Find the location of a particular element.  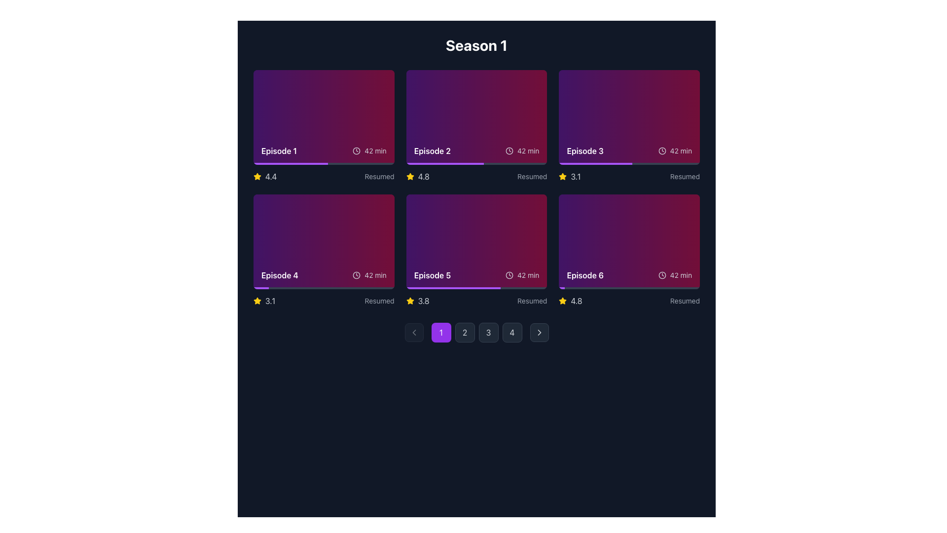

Progress bar located at the bottom of the 'Episode 1' card, which visually represents the viewing progress of the episode is located at coordinates (324, 163).